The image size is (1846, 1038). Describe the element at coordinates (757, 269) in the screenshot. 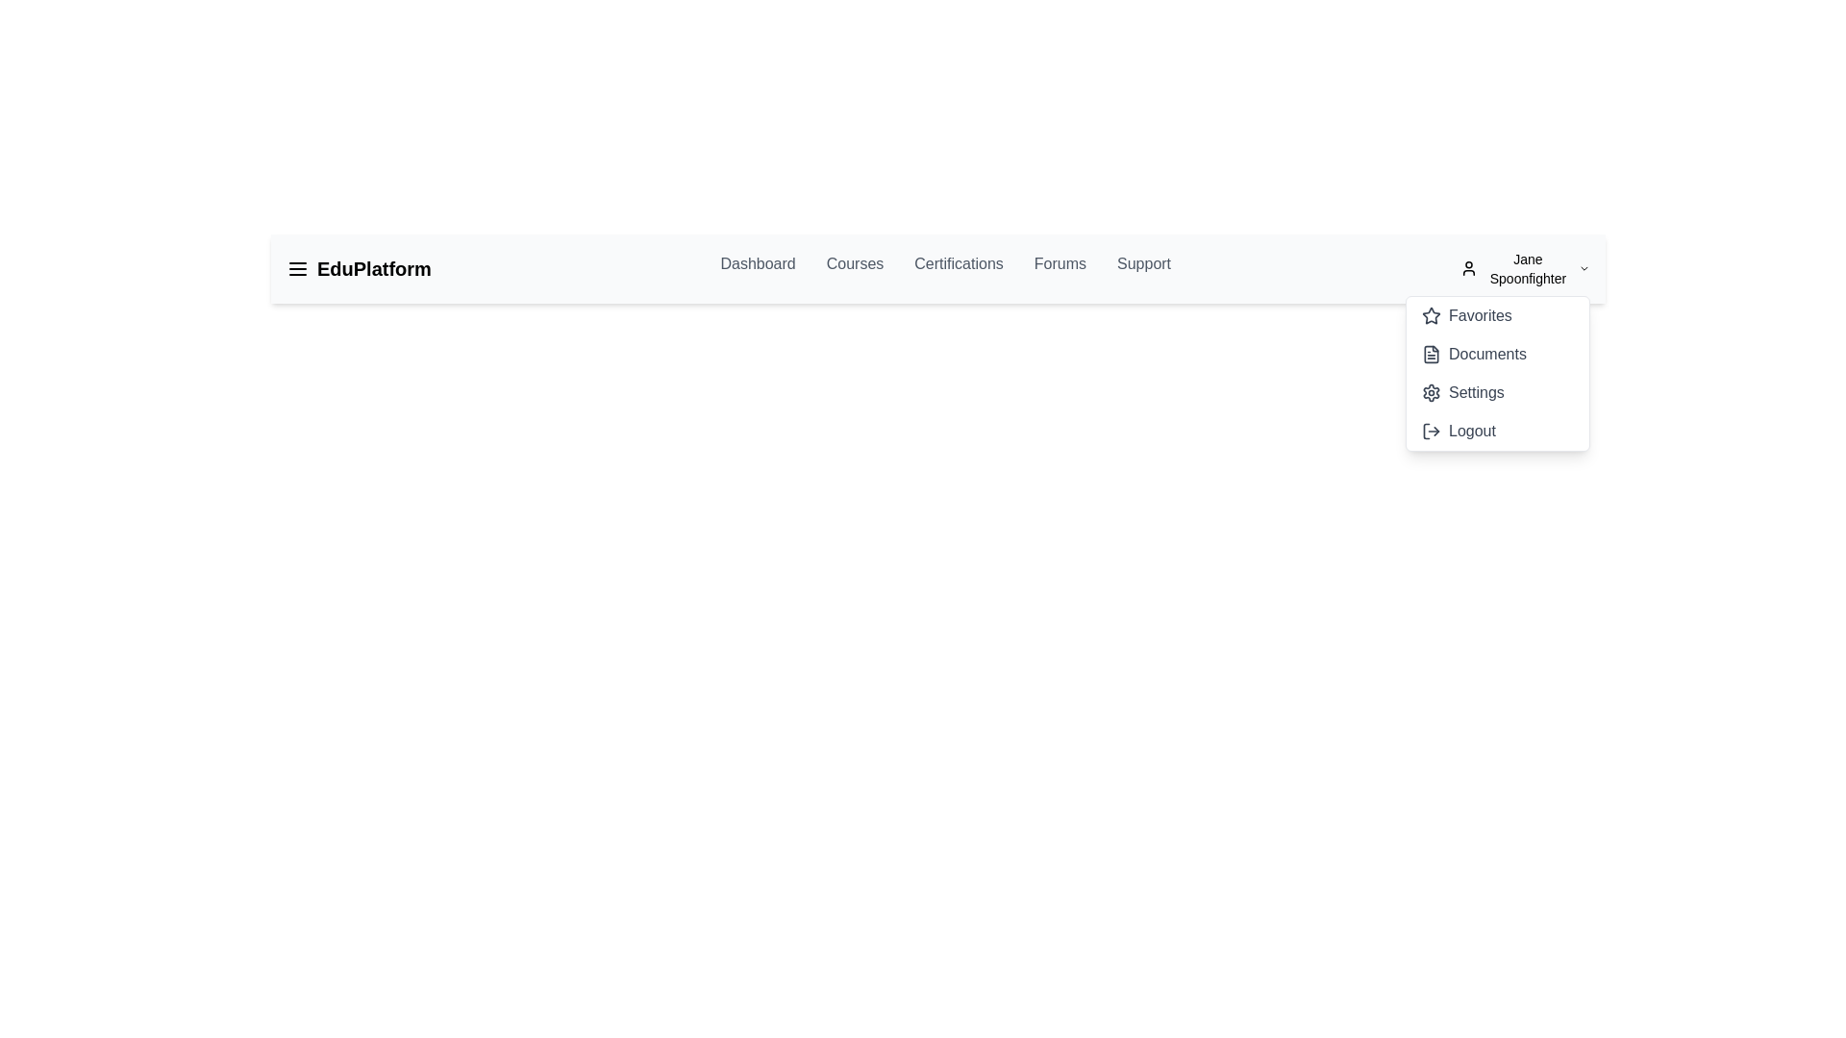

I see `the first hyperlink in the navigation bar that directs users to the Dashboard page` at that location.